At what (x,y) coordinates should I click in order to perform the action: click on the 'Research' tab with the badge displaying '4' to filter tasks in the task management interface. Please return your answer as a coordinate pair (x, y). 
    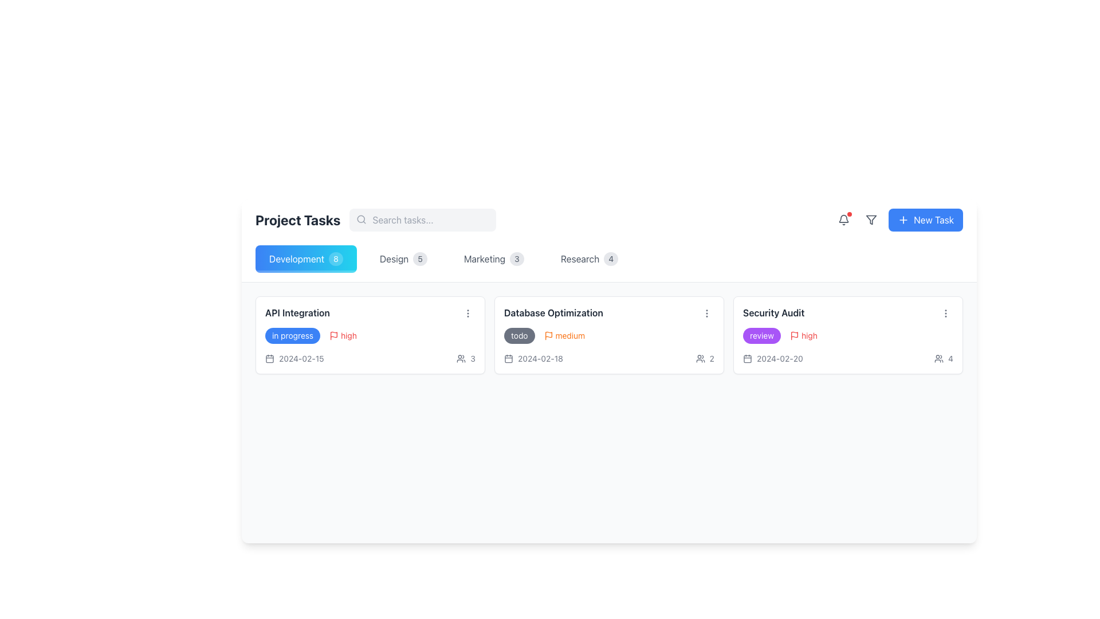
    Looking at the image, I should click on (589, 258).